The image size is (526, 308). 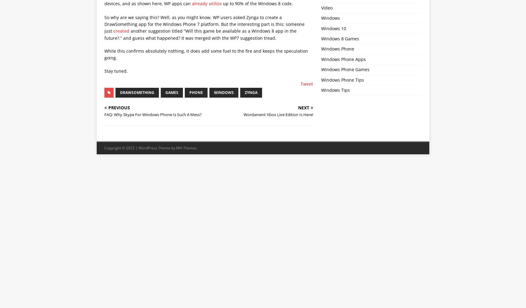 What do you see at coordinates (104, 114) in the screenshot?
I see `'FAQ: Why Skype For Windows Phone Is Such A Mess?'` at bounding box center [104, 114].